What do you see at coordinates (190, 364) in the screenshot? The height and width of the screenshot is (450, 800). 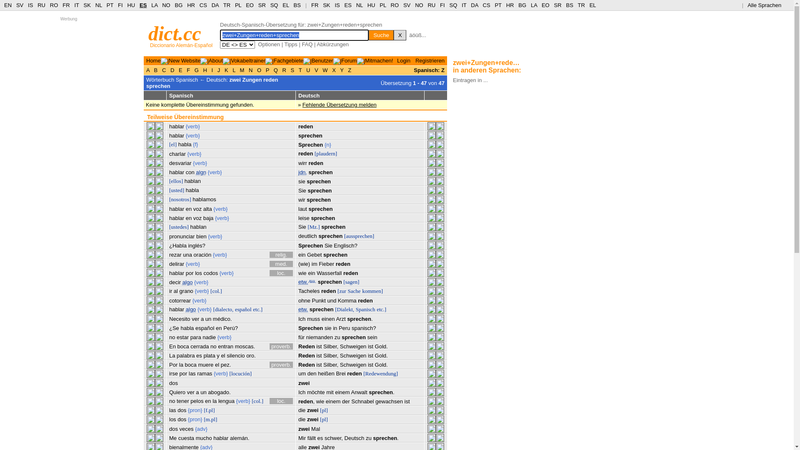 I see `'boca'` at bounding box center [190, 364].